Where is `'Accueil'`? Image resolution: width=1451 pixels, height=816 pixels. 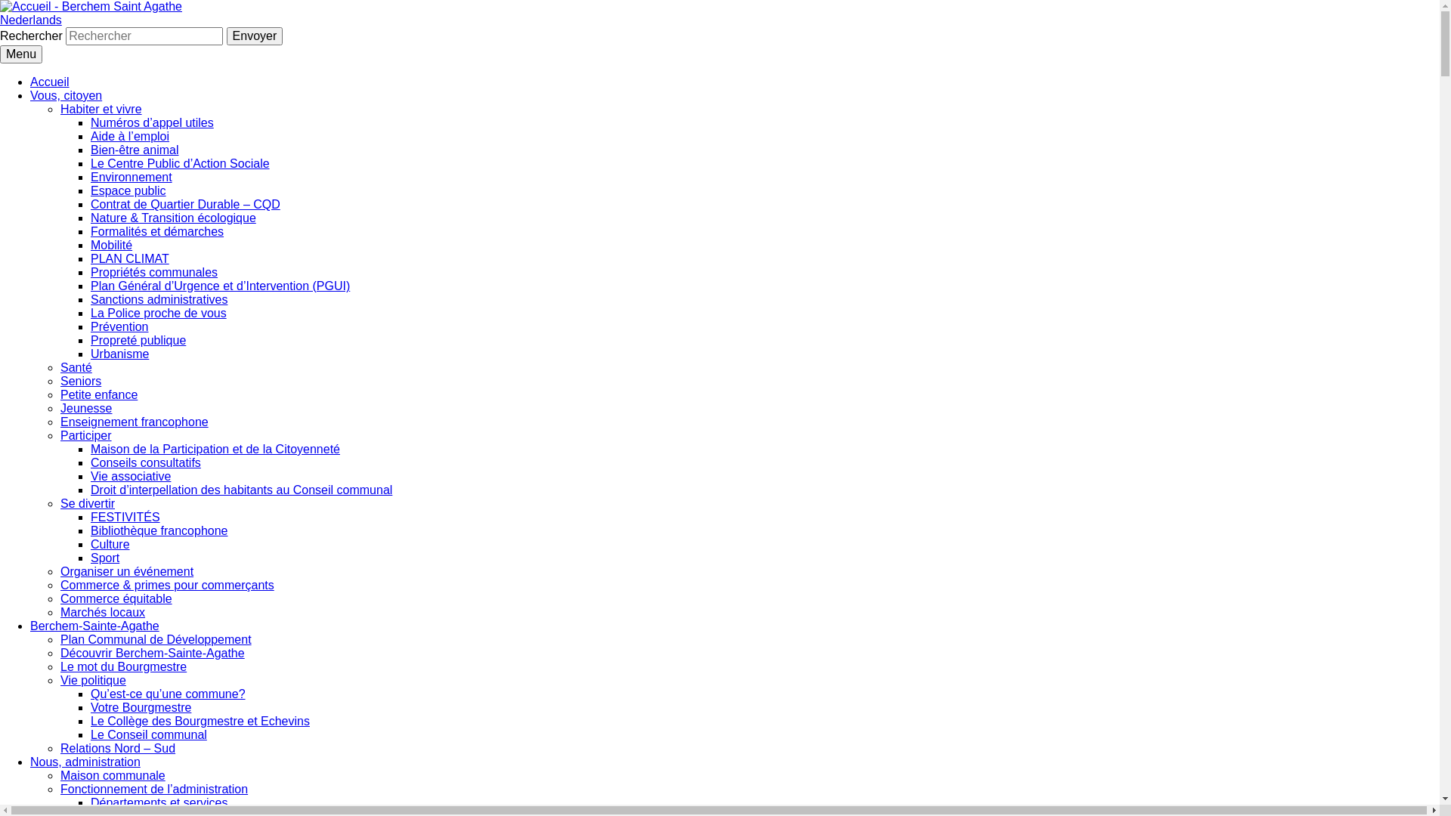 'Accueil' is located at coordinates (50, 82).